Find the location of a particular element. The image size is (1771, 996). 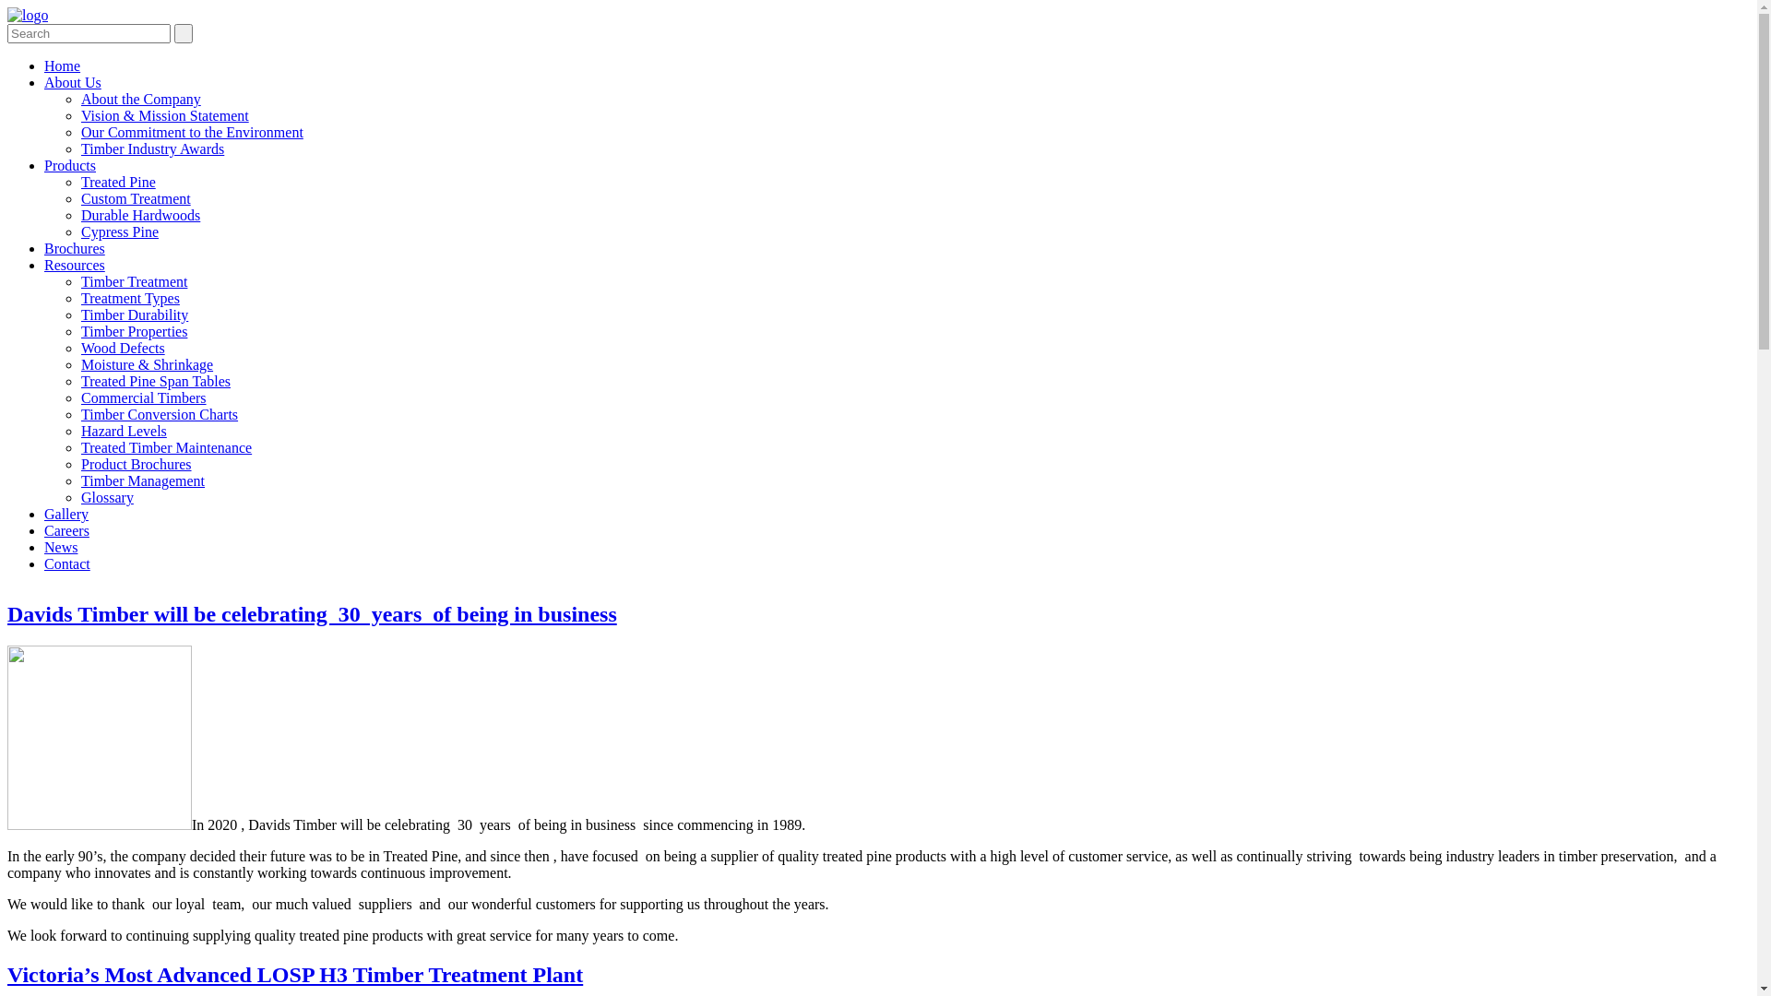

'Hazard Levels' is located at coordinates (123, 431).